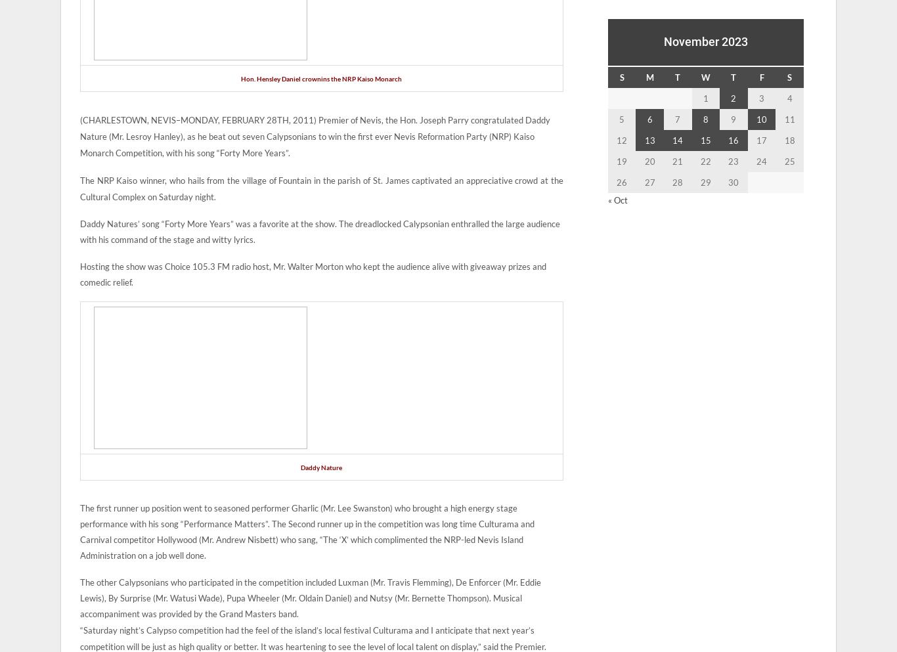 This screenshot has height=652, width=897. Describe the element at coordinates (320, 232) in the screenshot. I see `'Daddy Natures’ song “Forty More Years” was a favorite at the show.  The dreadlocked Calypsonian enthralled the large audience with his command of the stage and witty lyrics.'` at that location.